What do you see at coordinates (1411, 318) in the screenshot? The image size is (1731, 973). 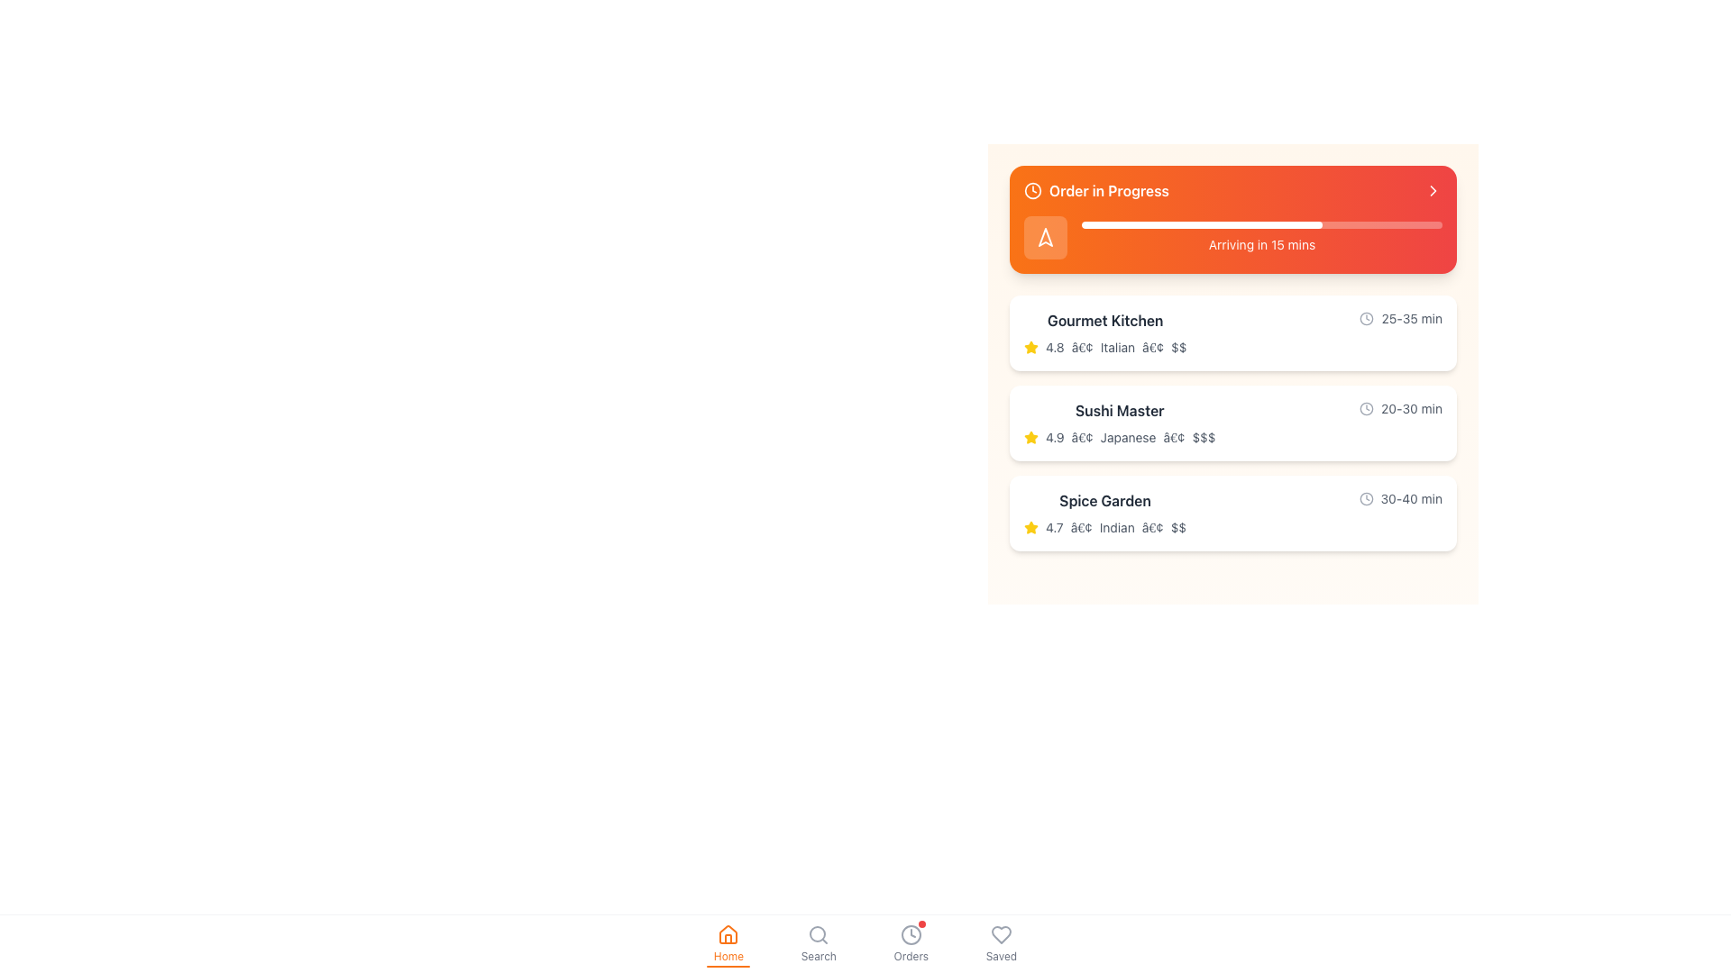 I see `the text element displaying the estimated time '25-35 min', which is located to the right of a small clock icon within the first restaurant card in the list` at bounding box center [1411, 318].